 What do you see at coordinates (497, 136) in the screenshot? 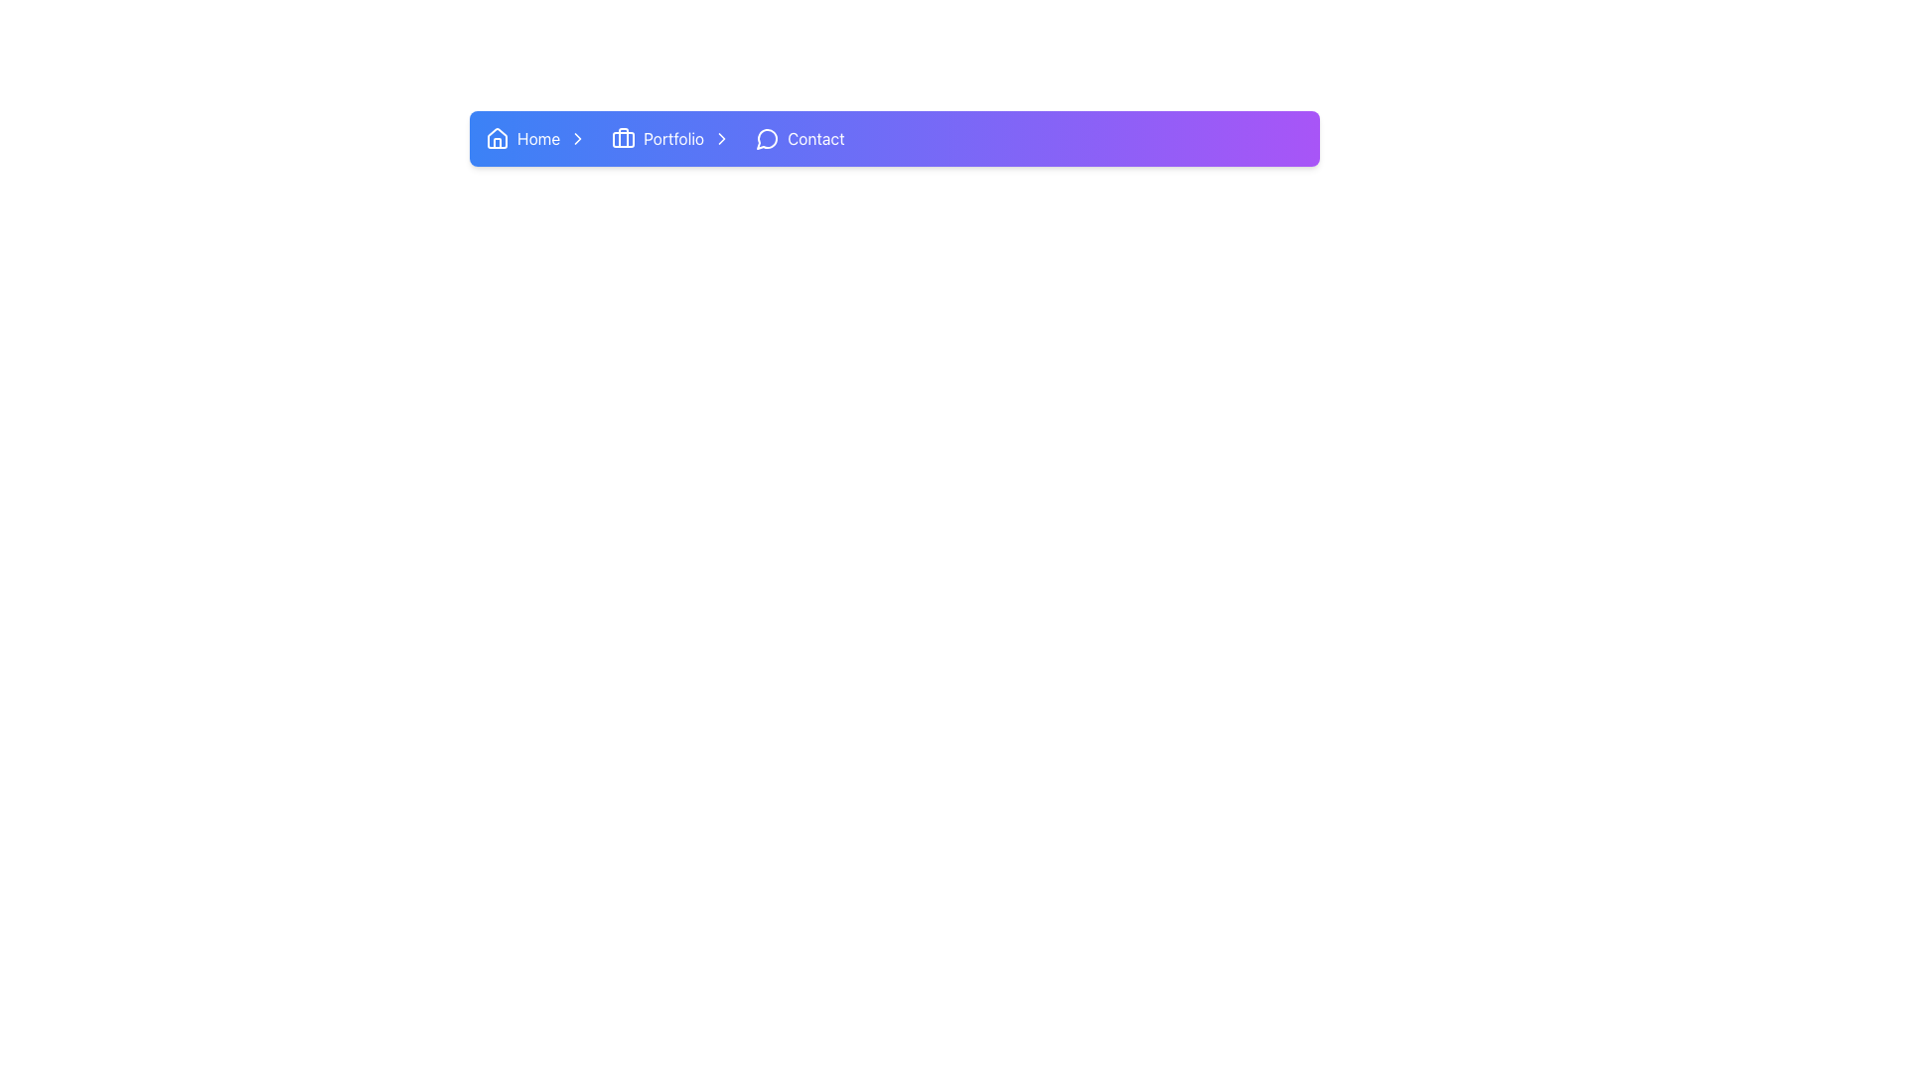
I see `the 'Home' icon located at the leftmost side of the navigation bar, which visually represents the roof structure of a house and precedes the textual label 'Home'` at bounding box center [497, 136].